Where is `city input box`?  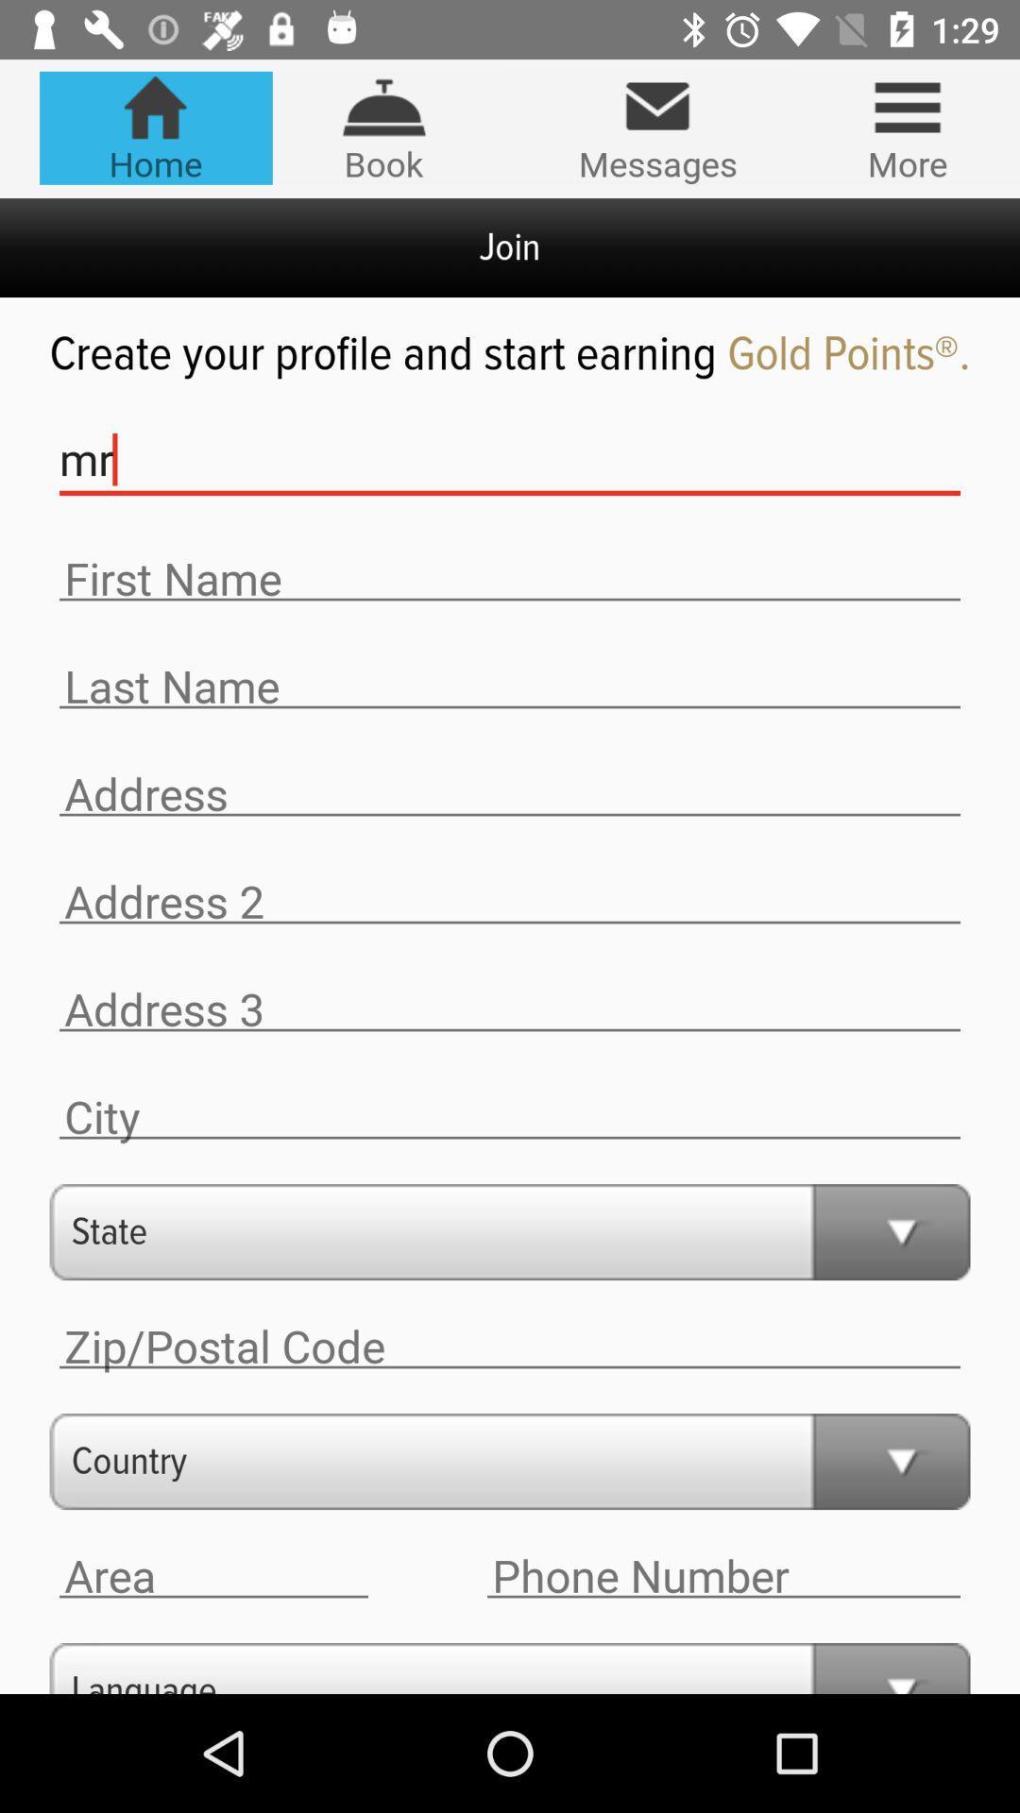
city input box is located at coordinates (510, 1117).